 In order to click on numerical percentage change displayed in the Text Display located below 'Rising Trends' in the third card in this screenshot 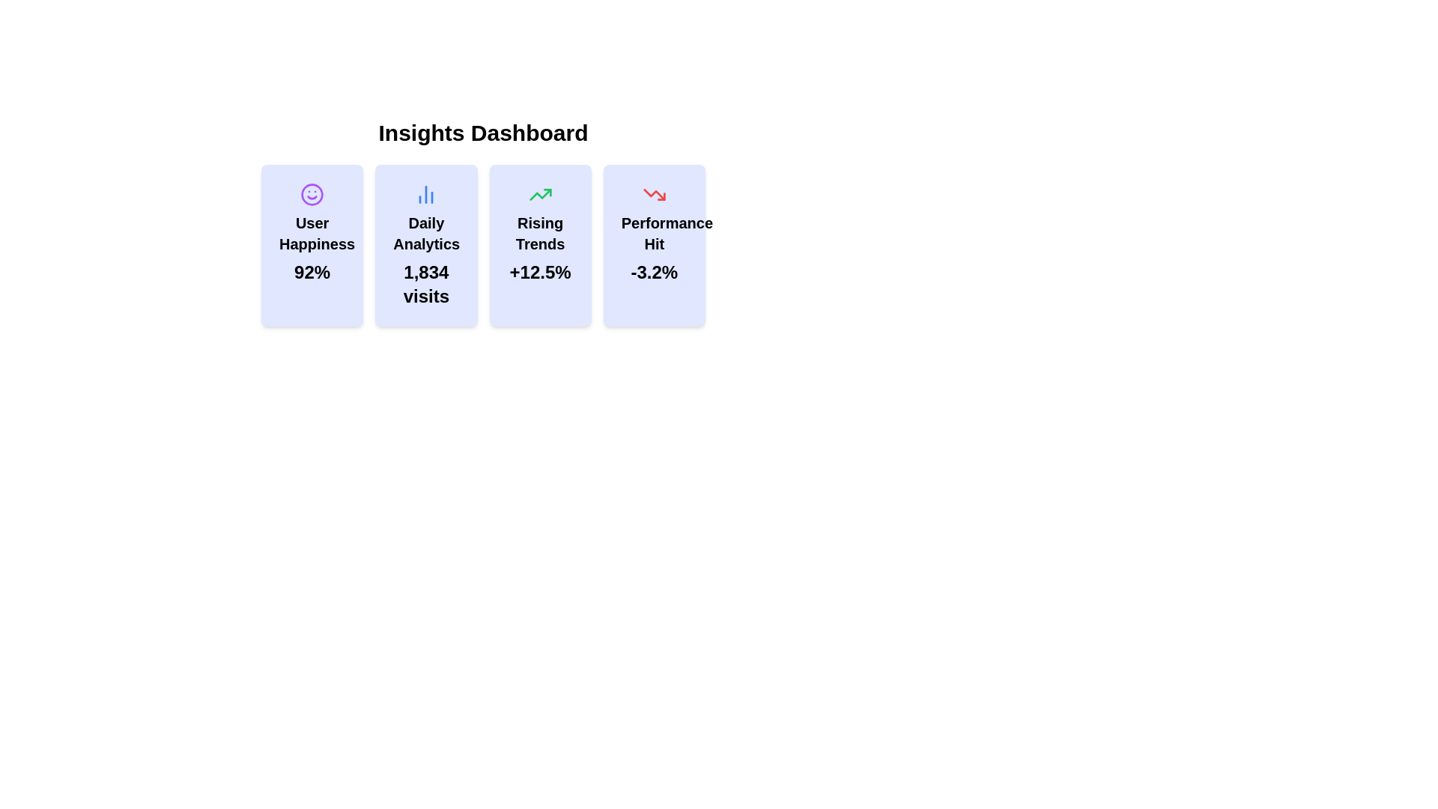, I will do `click(539, 272)`.